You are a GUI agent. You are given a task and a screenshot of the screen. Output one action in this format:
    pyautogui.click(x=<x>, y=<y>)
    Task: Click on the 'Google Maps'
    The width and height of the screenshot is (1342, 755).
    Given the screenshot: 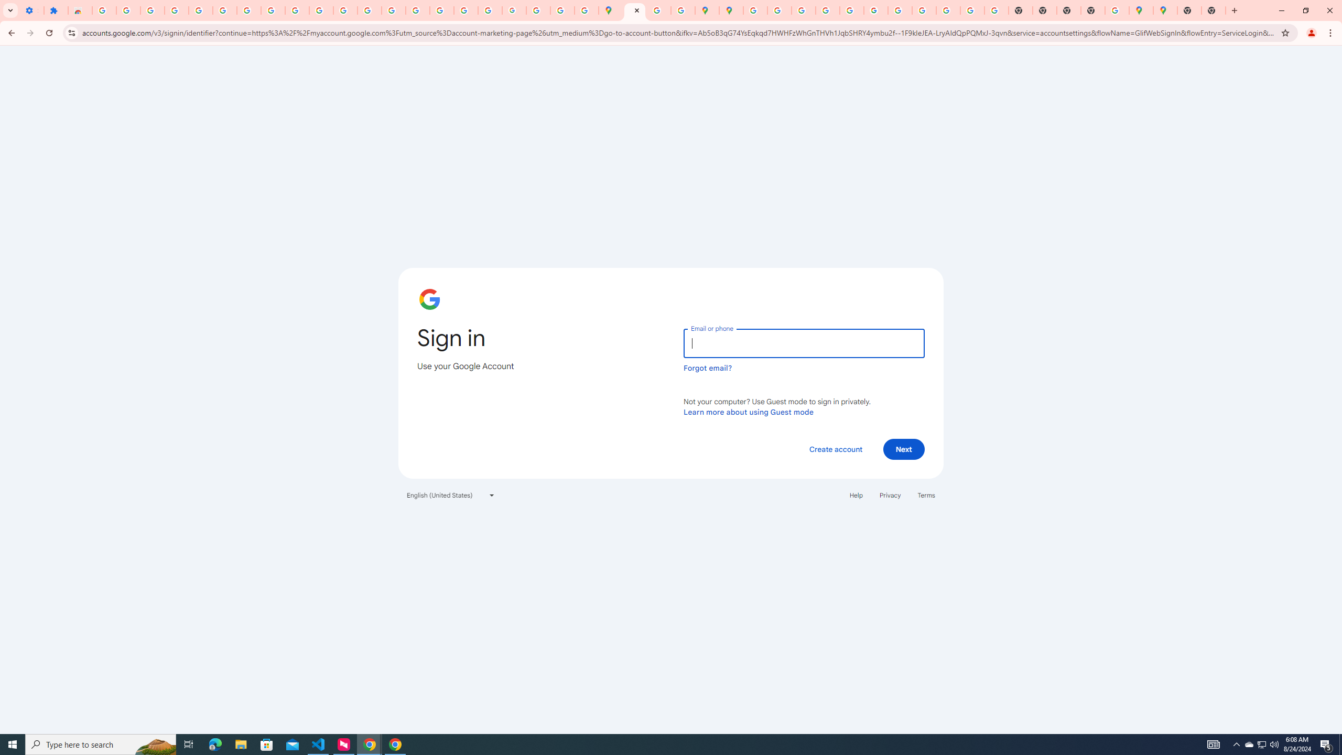 What is the action you would take?
    pyautogui.click(x=1165, y=10)
    